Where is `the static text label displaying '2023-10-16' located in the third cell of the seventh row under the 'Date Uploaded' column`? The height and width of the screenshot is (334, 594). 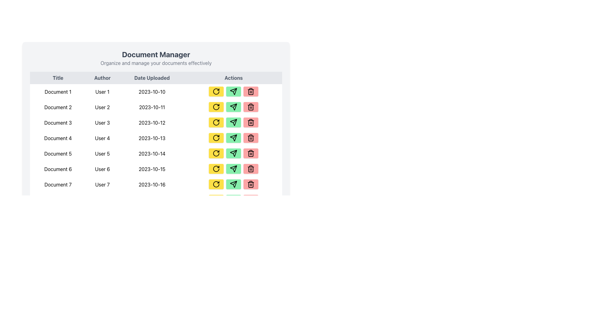
the static text label displaying '2023-10-16' located in the third cell of the seventh row under the 'Date Uploaded' column is located at coordinates (152, 184).